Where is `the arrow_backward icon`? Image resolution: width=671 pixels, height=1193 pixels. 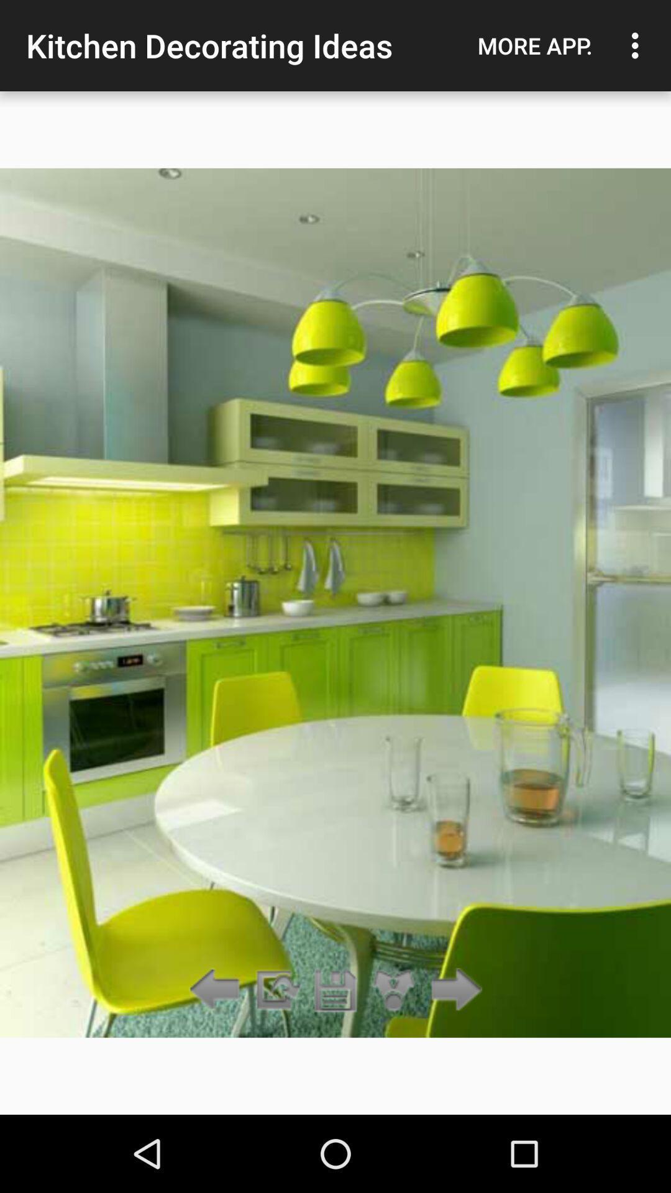 the arrow_backward icon is located at coordinates (217, 990).